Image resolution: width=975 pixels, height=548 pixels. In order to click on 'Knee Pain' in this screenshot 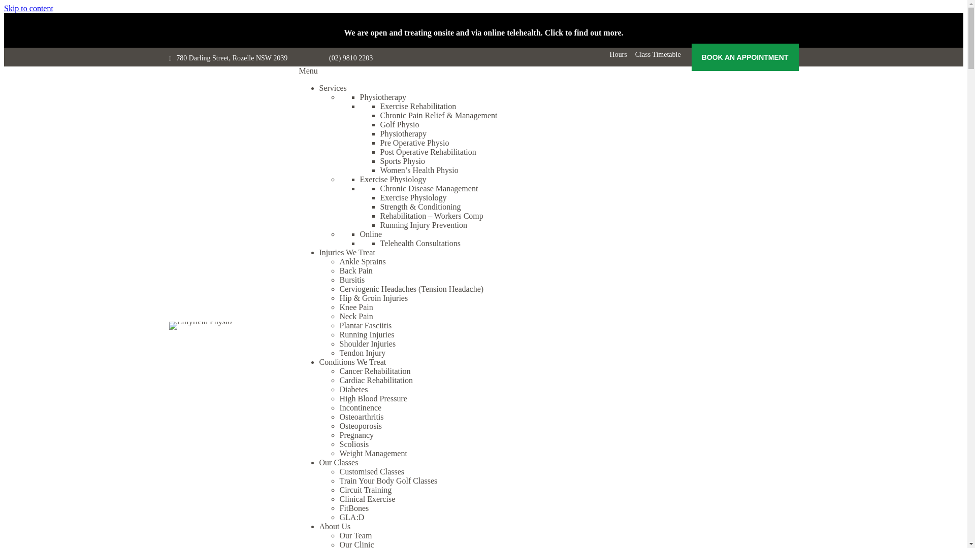, I will do `click(339, 306)`.